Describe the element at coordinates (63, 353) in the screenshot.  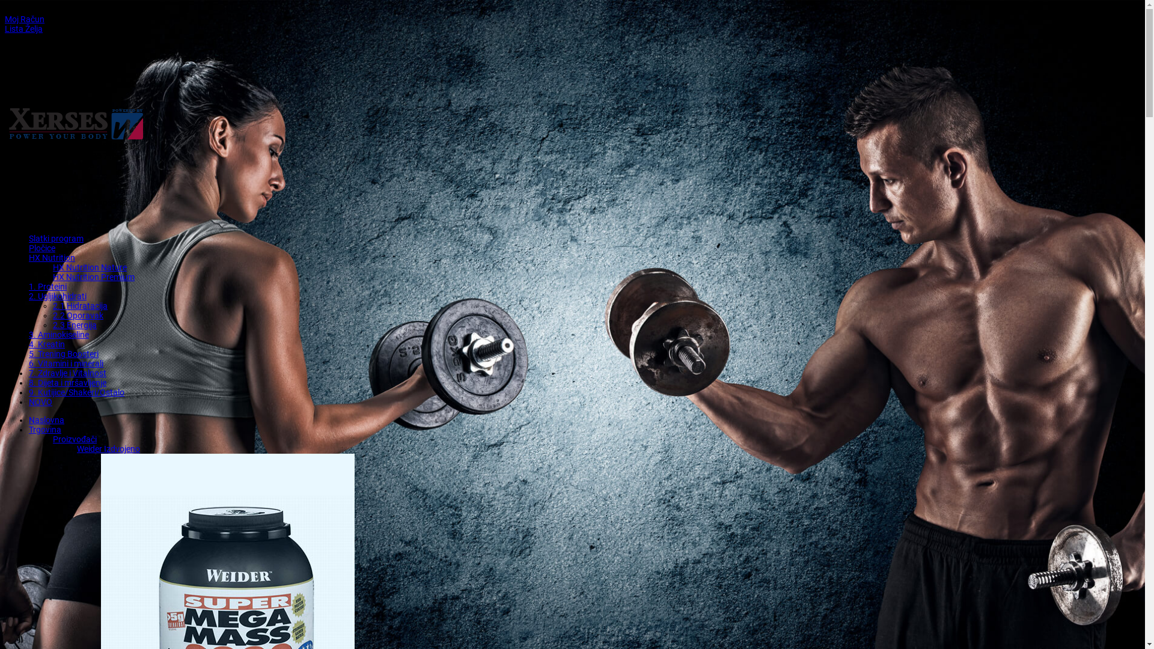
I see `'5. Trening Boosteri'` at that location.